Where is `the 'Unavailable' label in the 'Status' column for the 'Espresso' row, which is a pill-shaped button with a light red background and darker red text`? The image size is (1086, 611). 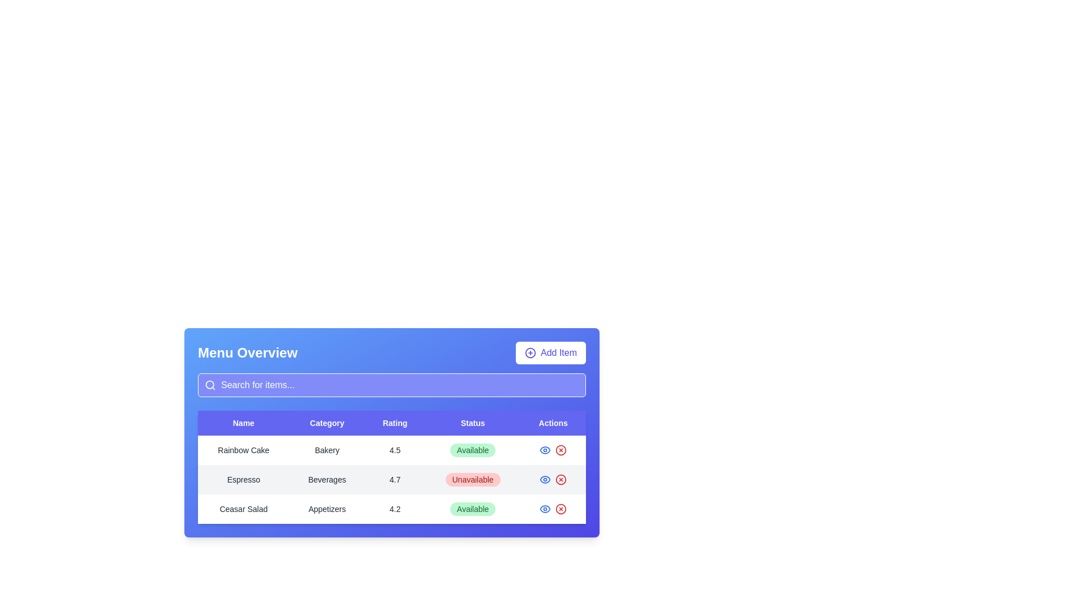 the 'Unavailable' label in the 'Status' column for the 'Espresso' row, which is a pill-shaped button with a light red background and darker red text is located at coordinates (473, 480).